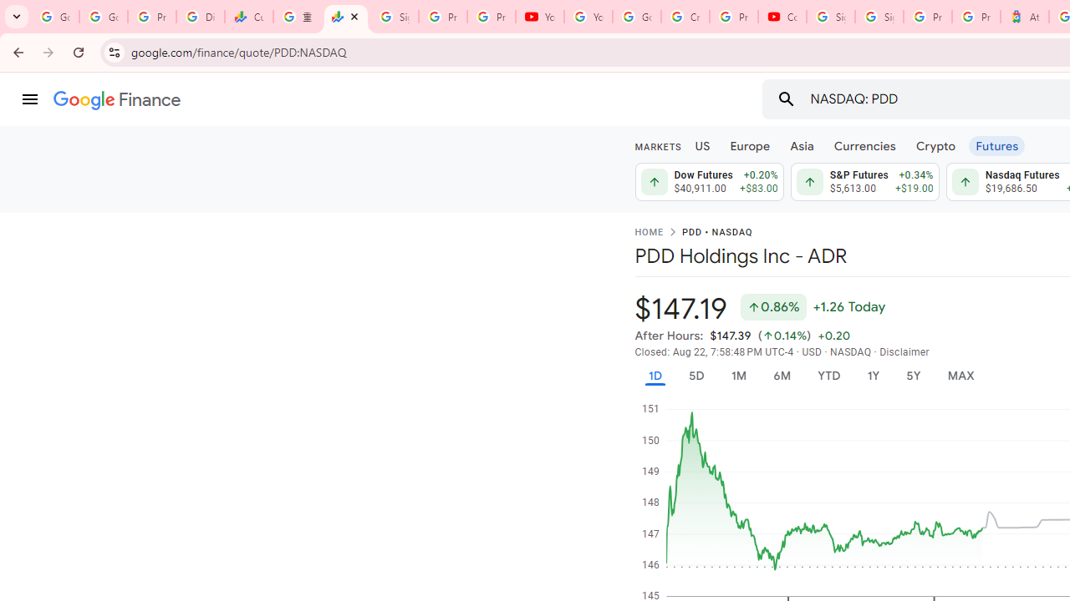  Describe the element at coordinates (113, 51) in the screenshot. I see `'View site information'` at that location.